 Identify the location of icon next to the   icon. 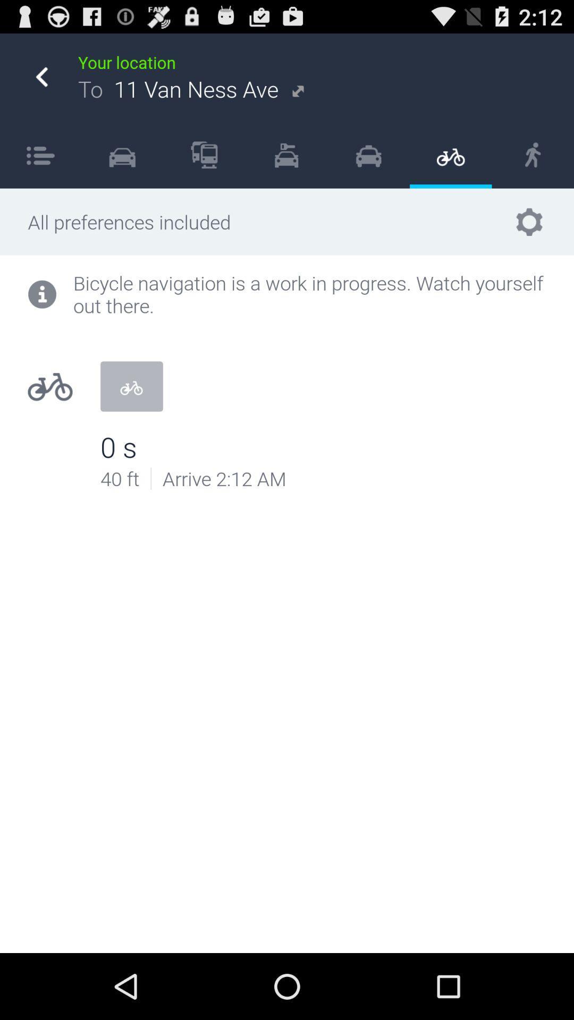
(40, 154).